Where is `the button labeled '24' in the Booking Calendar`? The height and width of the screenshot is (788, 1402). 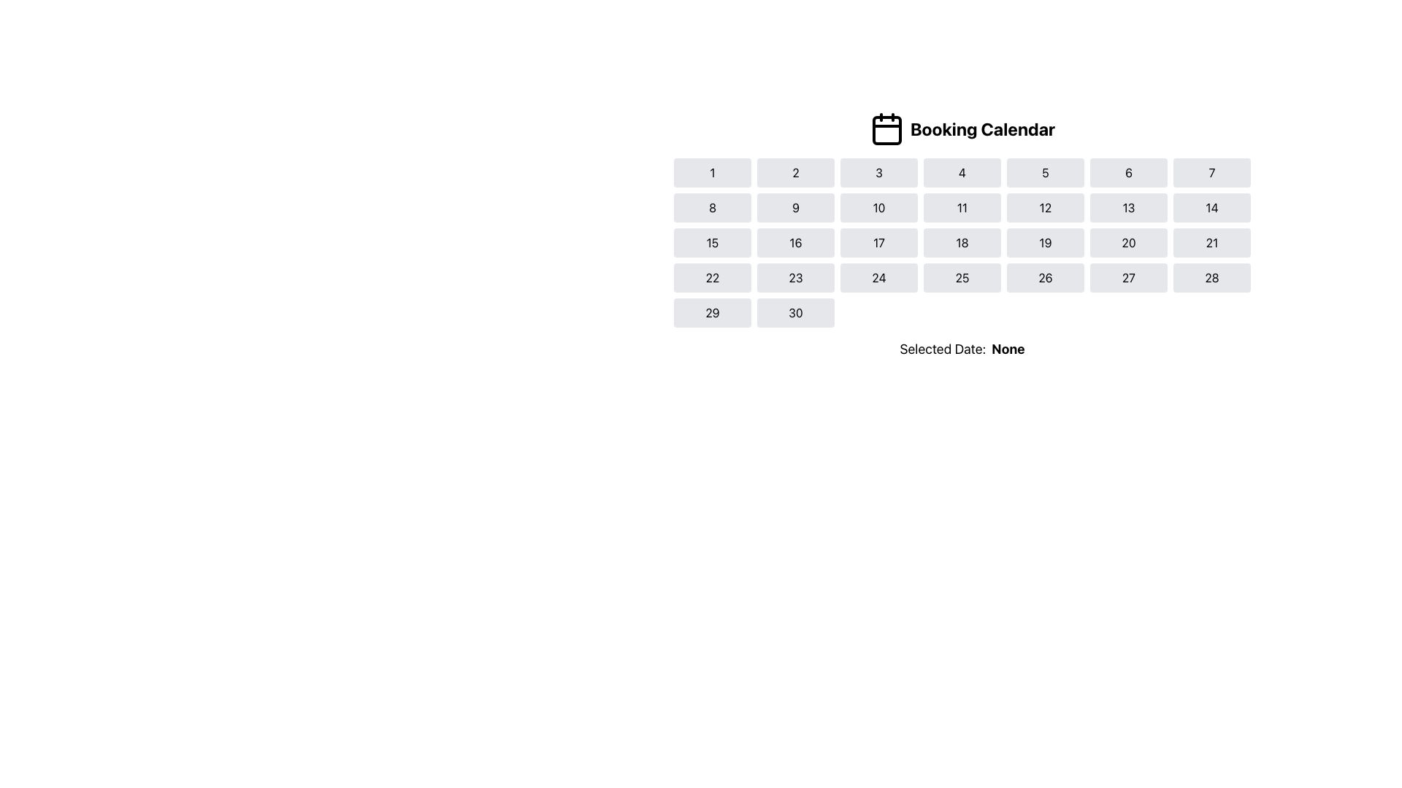 the button labeled '24' in the Booking Calendar is located at coordinates (878, 278).